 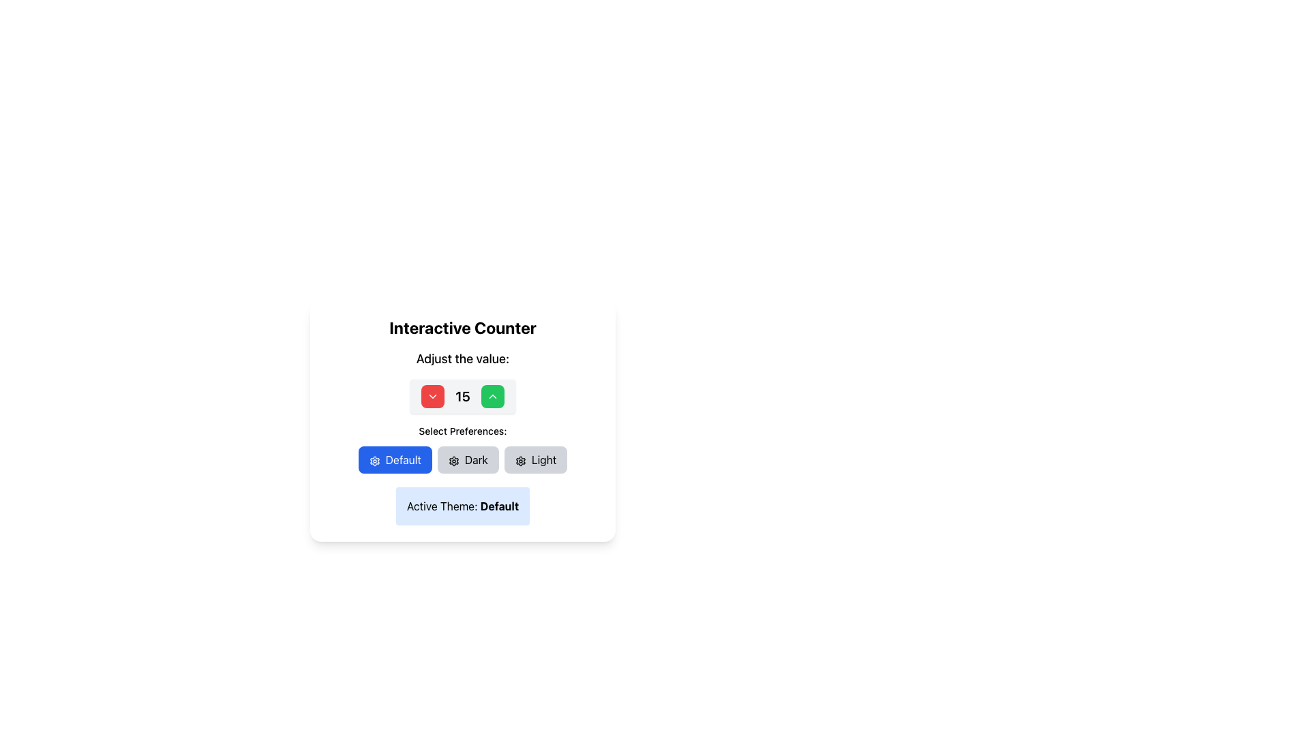 What do you see at coordinates (374, 460) in the screenshot?
I see `the graphical gear icon representing settings, which is located under the 'Select Preferences' section and positioned between the 'Default' and 'Dark' buttons` at bounding box center [374, 460].